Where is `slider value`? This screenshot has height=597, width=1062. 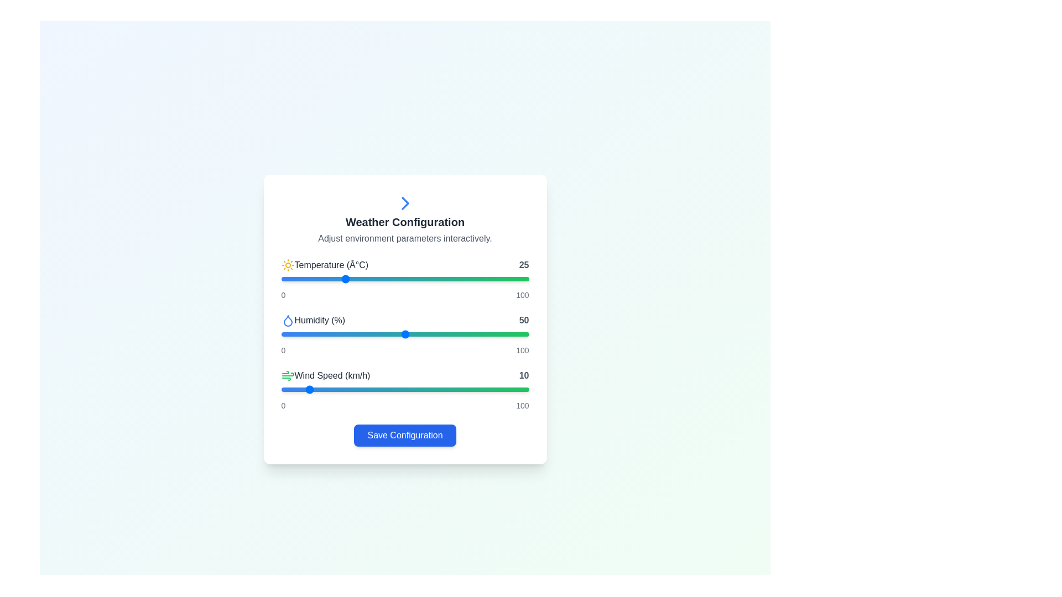
slider value is located at coordinates (455, 279).